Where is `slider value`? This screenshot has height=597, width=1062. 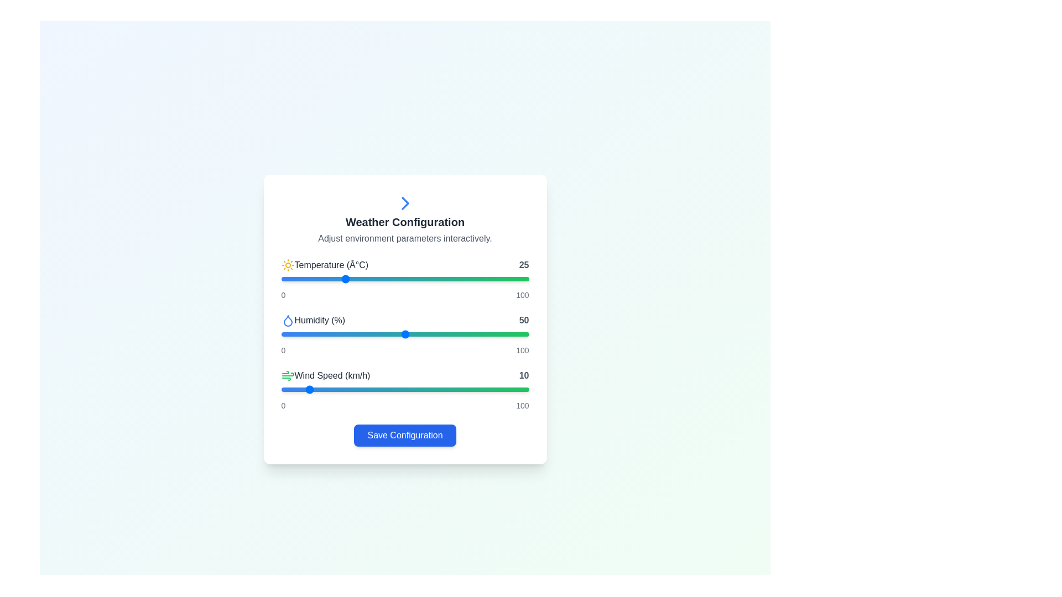
slider value is located at coordinates (455, 279).